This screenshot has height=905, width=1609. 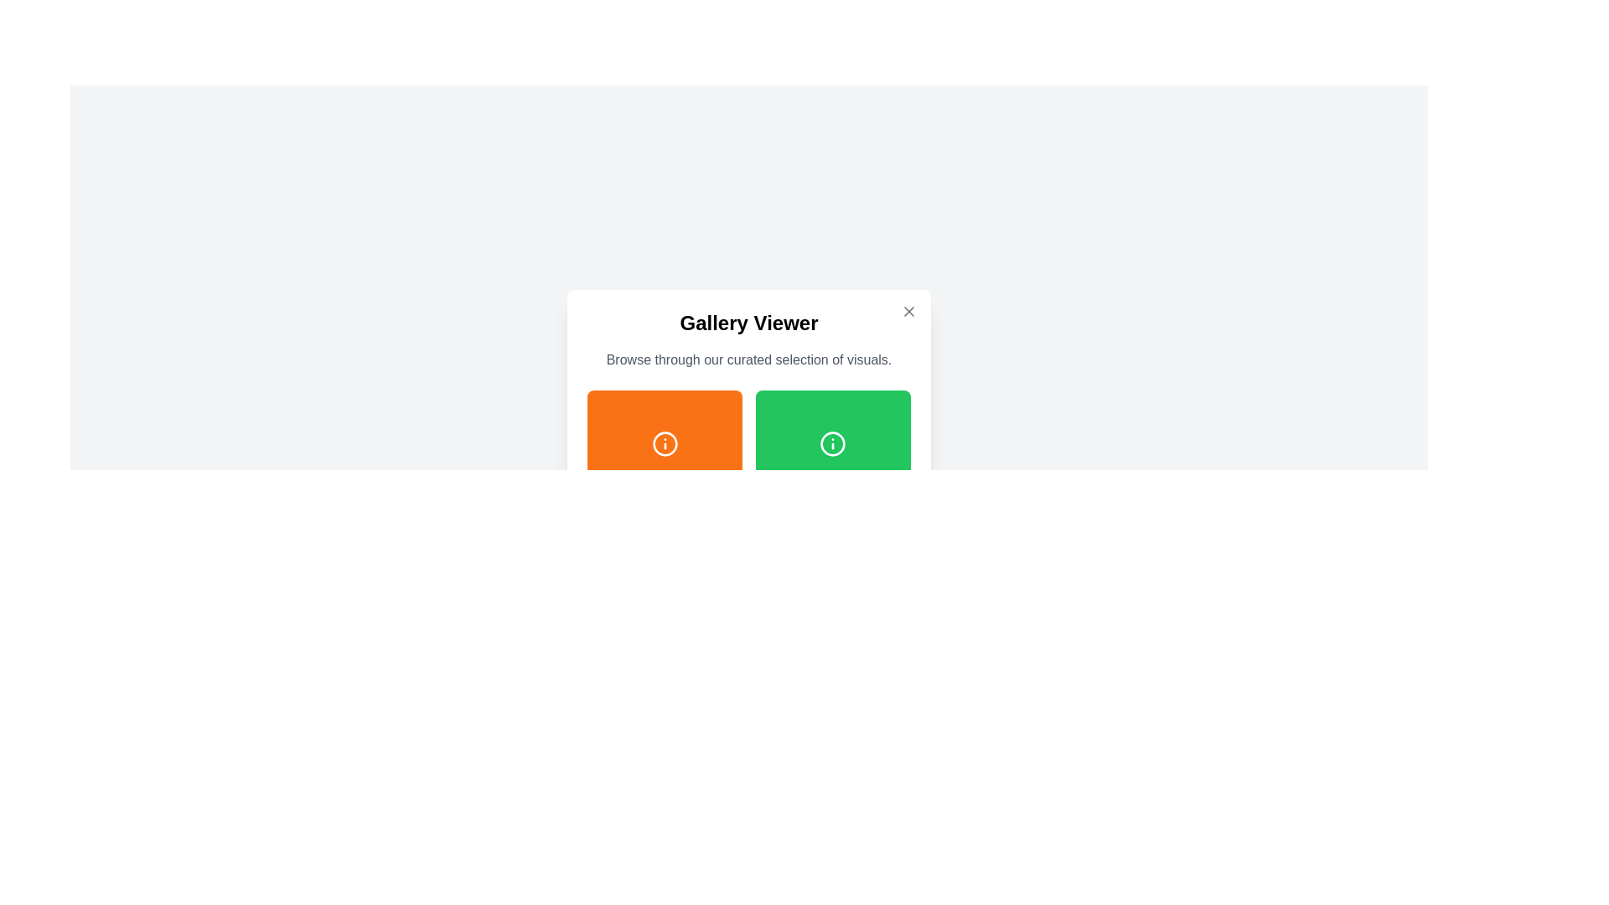 What do you see at coordinates (908, 311) in the screenshot?
I see `the small gray 'X' button in the top-right corner of the 'Gallery Viewer' modal` at bounding box center [908, 311].